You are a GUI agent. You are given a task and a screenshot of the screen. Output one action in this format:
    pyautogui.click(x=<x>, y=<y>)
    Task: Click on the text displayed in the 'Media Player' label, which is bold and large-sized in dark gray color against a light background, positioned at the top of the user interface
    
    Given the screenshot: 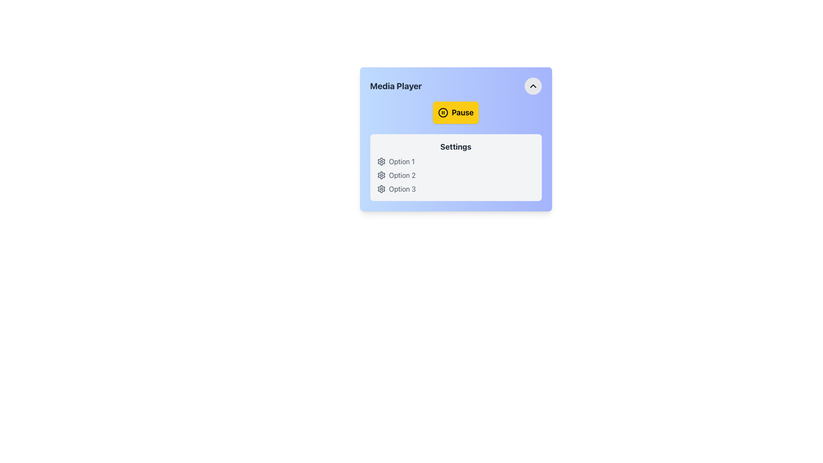 What is the action you would take?
    pyautogui.click(x=395, y=86)
    